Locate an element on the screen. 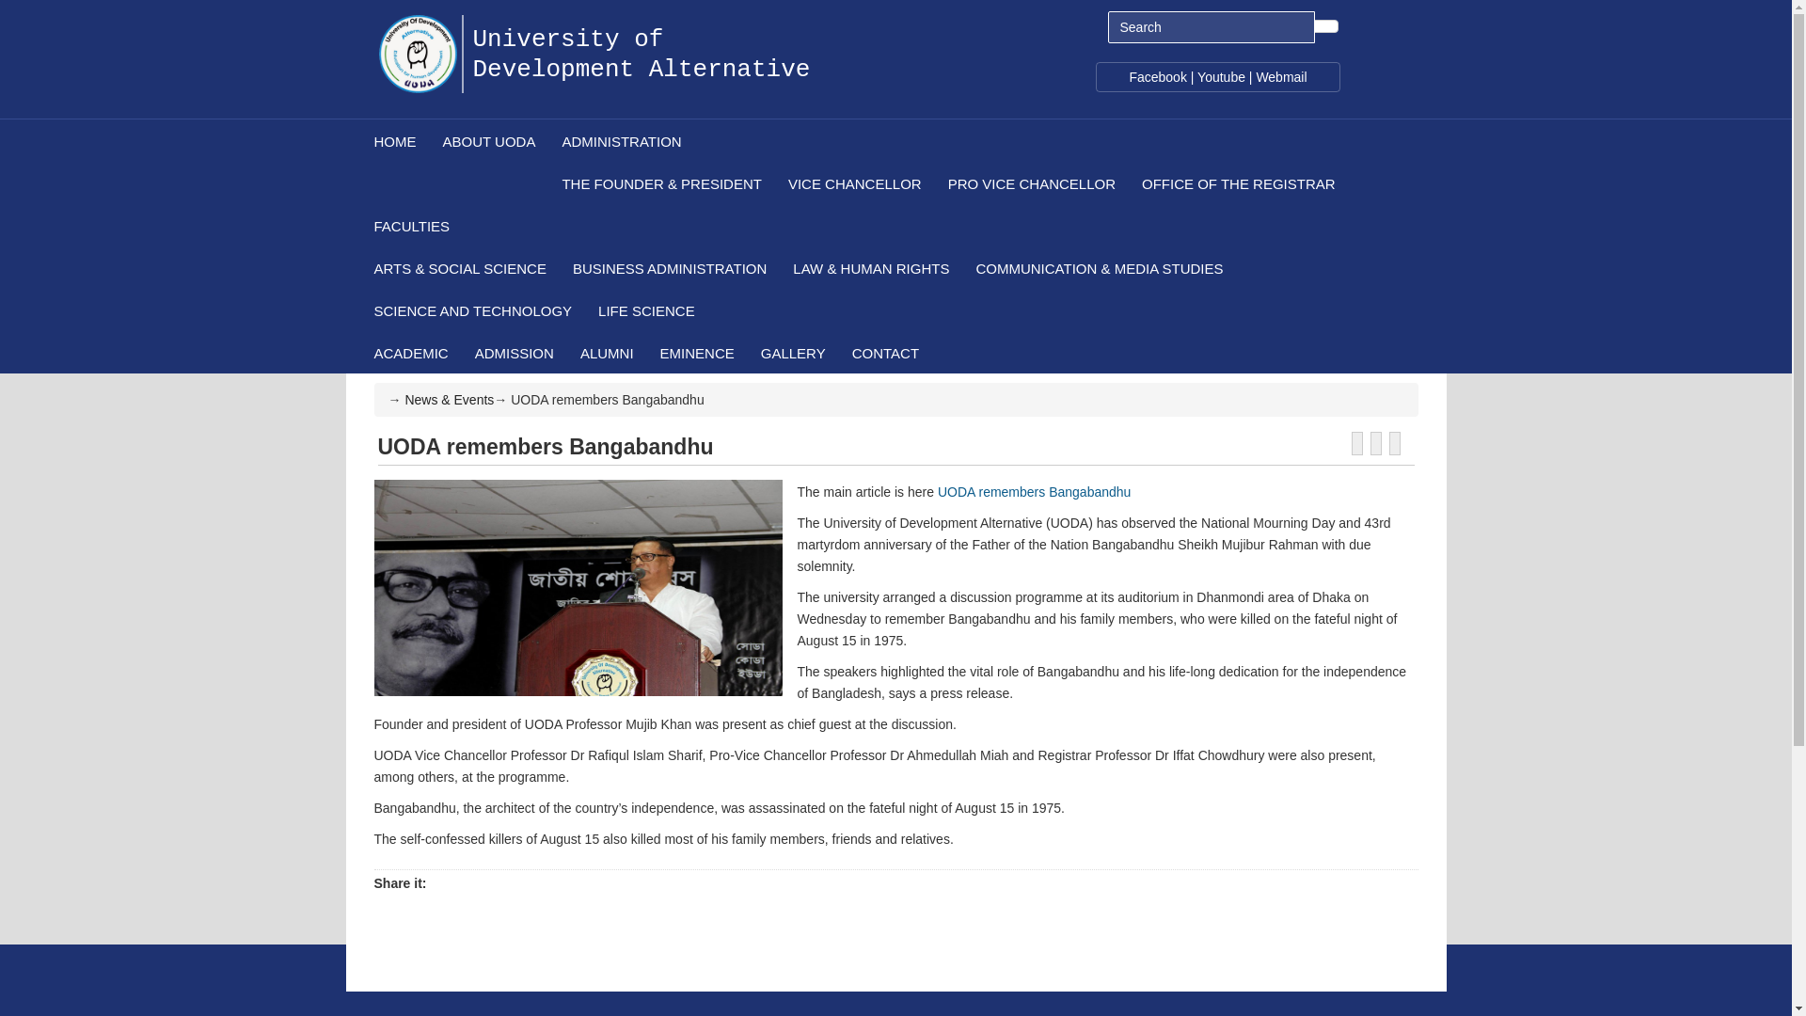 The height and width of the screenshot is (1016, 1806). 'UODA remembers Bangabandhu' is located at coordinates (1033, 491).